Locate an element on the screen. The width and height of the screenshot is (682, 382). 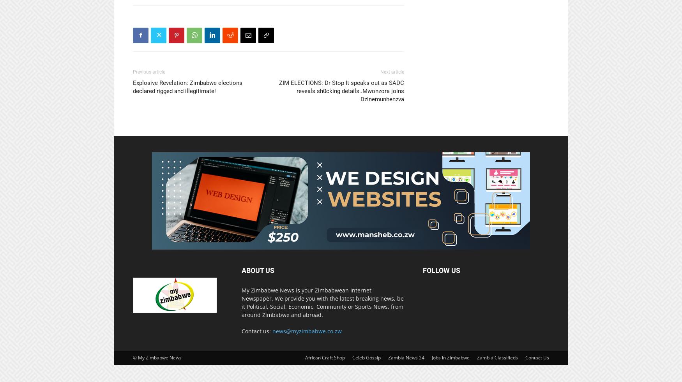
'Next article' is located at coordinates (392, 71).